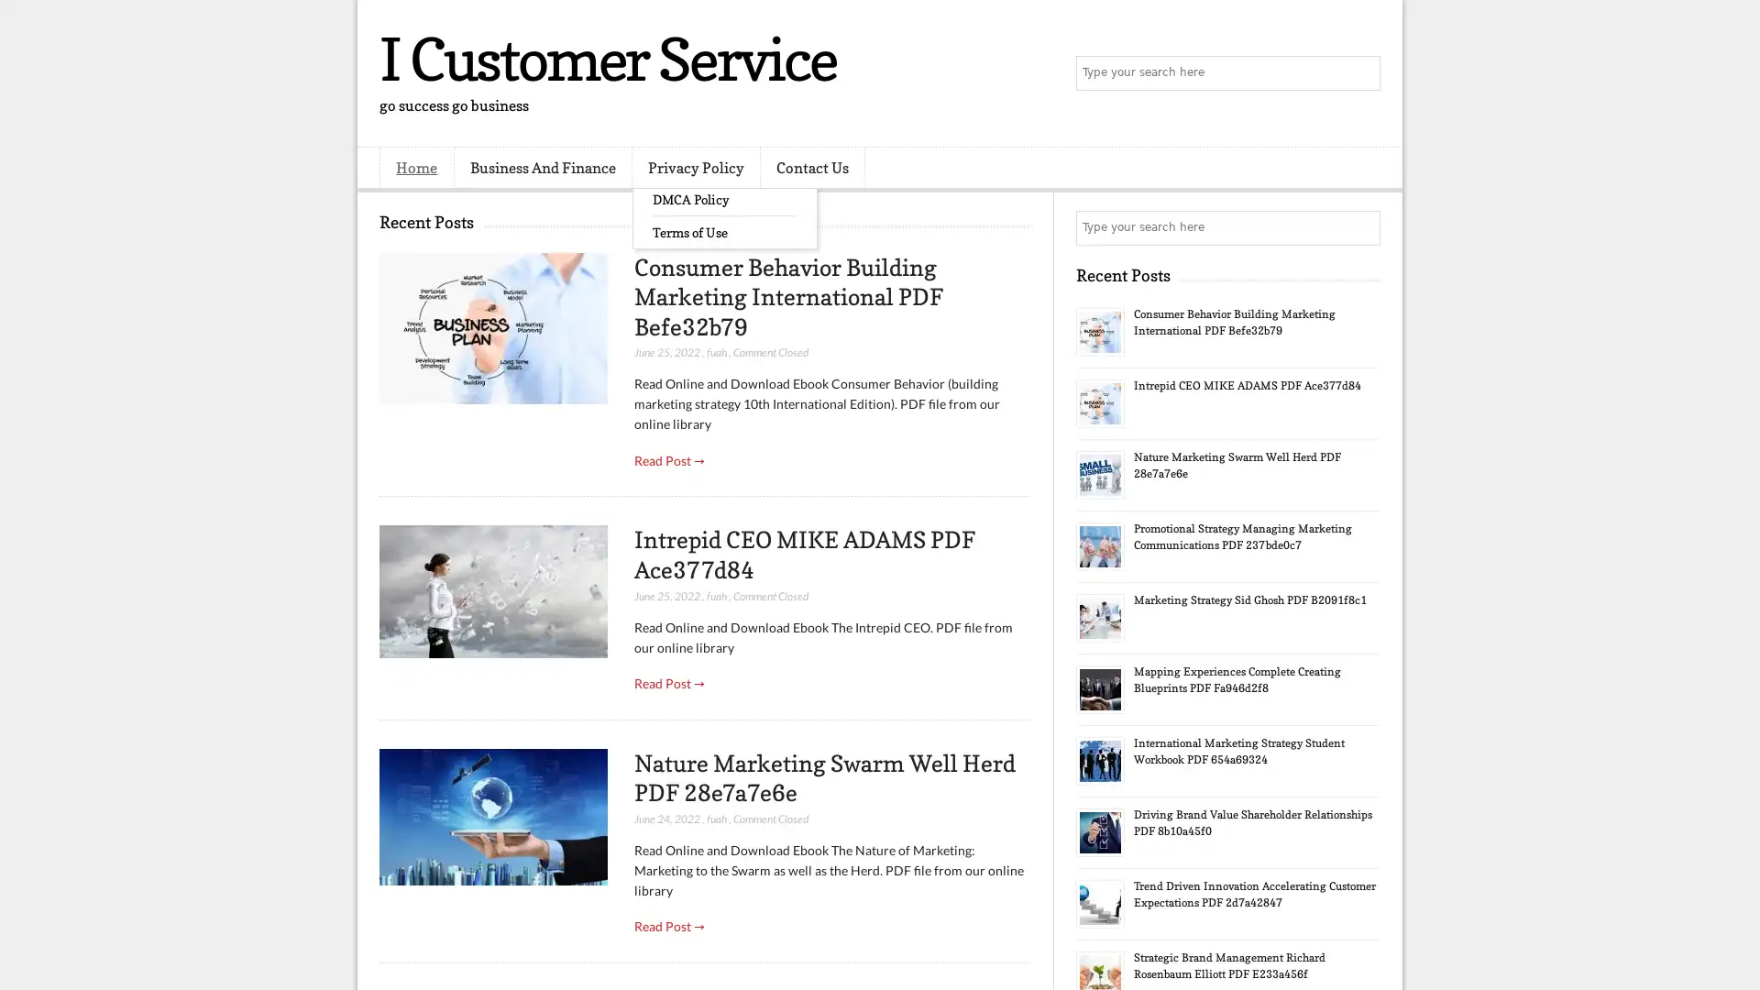 Image resolution: width=1760 pixels, height=990 pixels. I want to click on Search, so click(1361, 73).